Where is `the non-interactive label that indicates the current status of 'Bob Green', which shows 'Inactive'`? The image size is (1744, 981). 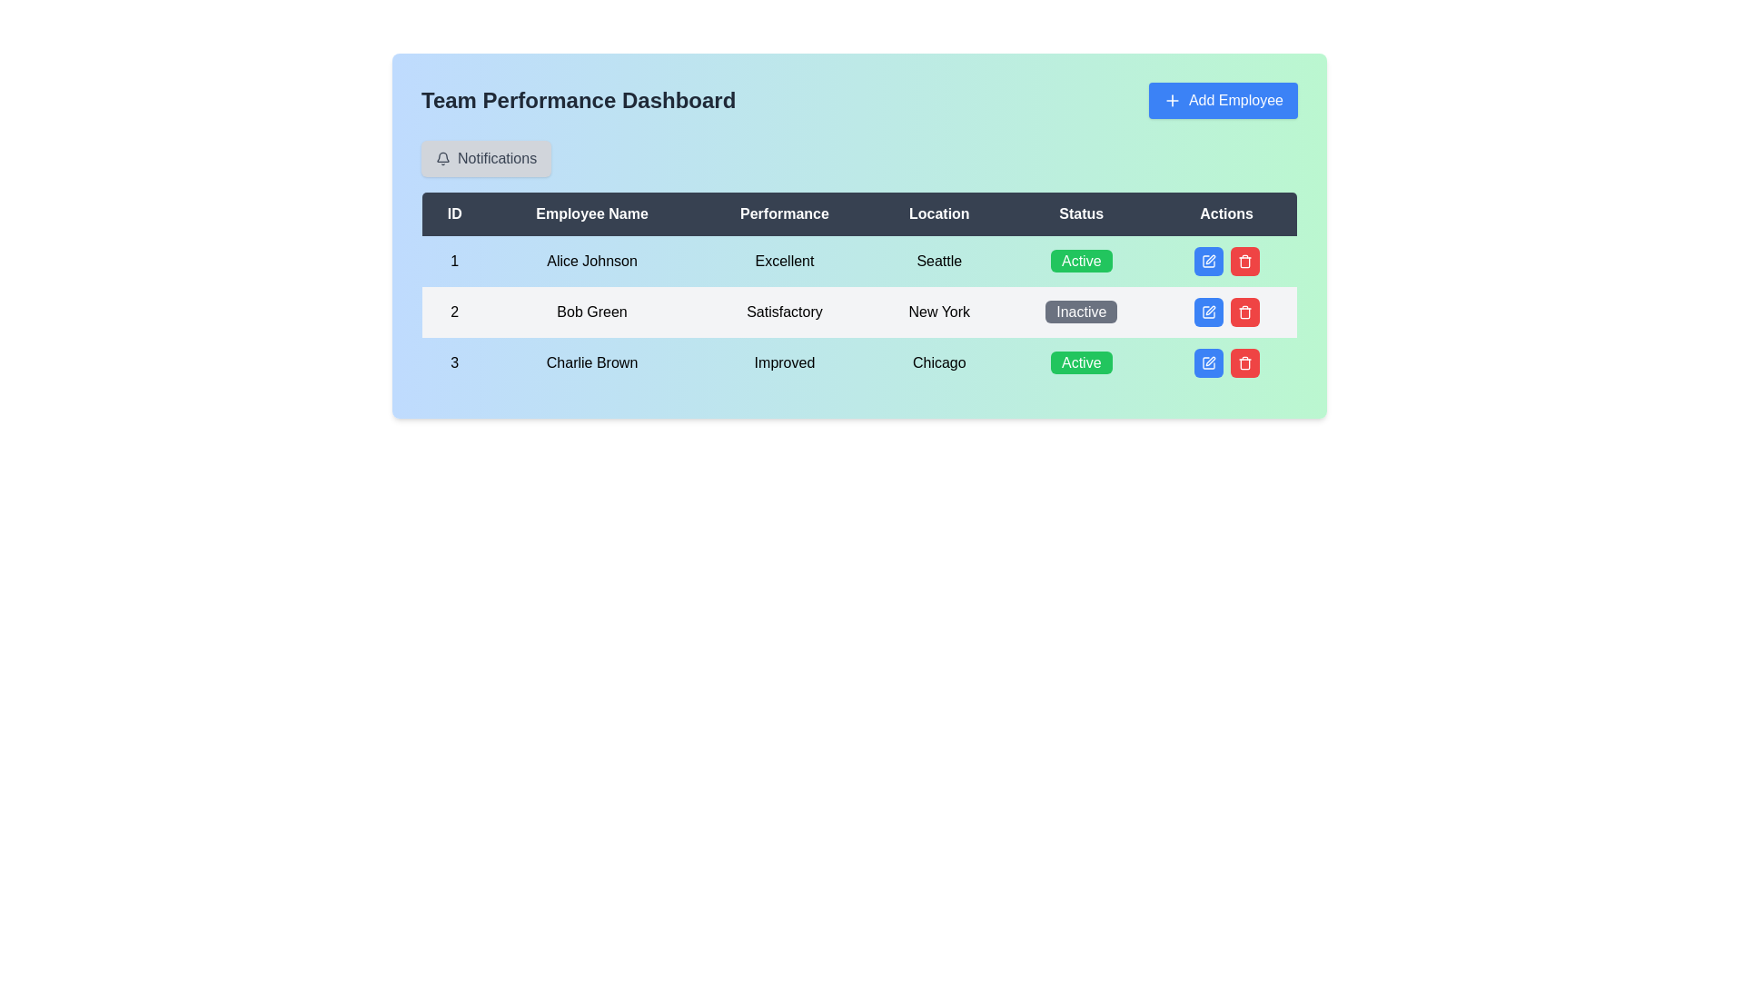
the non-interactive label that indicates the current status of 'Bob Green', which shows 'Inactive' is located at coordinates (1081, 311).